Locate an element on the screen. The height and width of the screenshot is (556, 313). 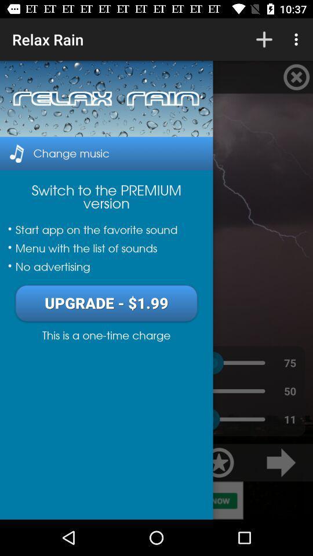
the star icon is located at coordinates (219, 462).